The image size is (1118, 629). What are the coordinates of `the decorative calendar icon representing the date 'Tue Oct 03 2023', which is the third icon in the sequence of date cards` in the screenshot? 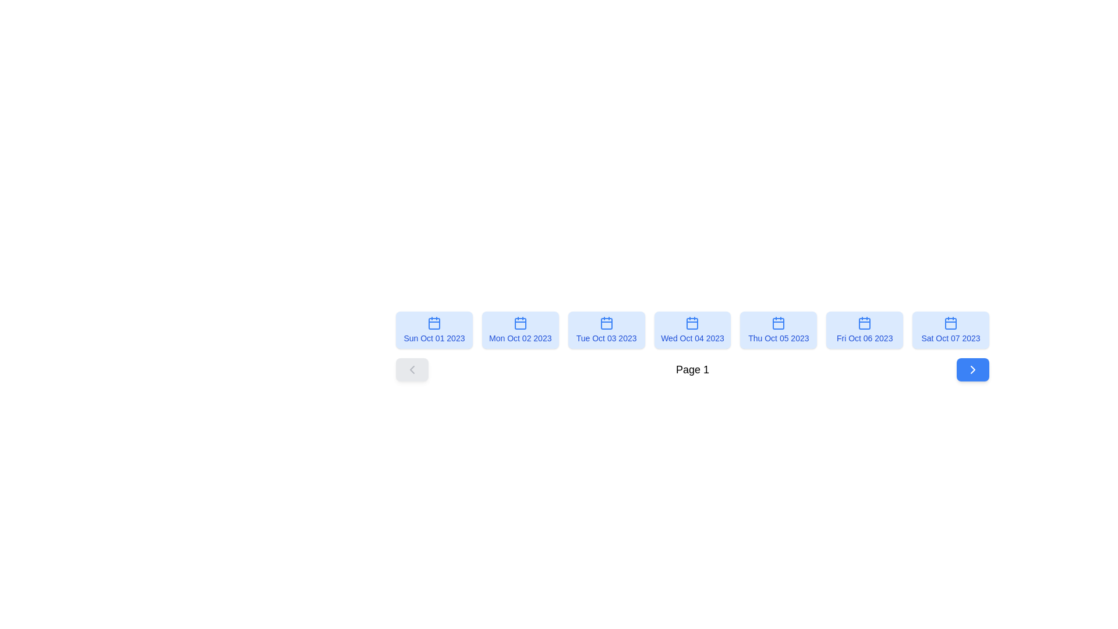 It's located at (606, 323).